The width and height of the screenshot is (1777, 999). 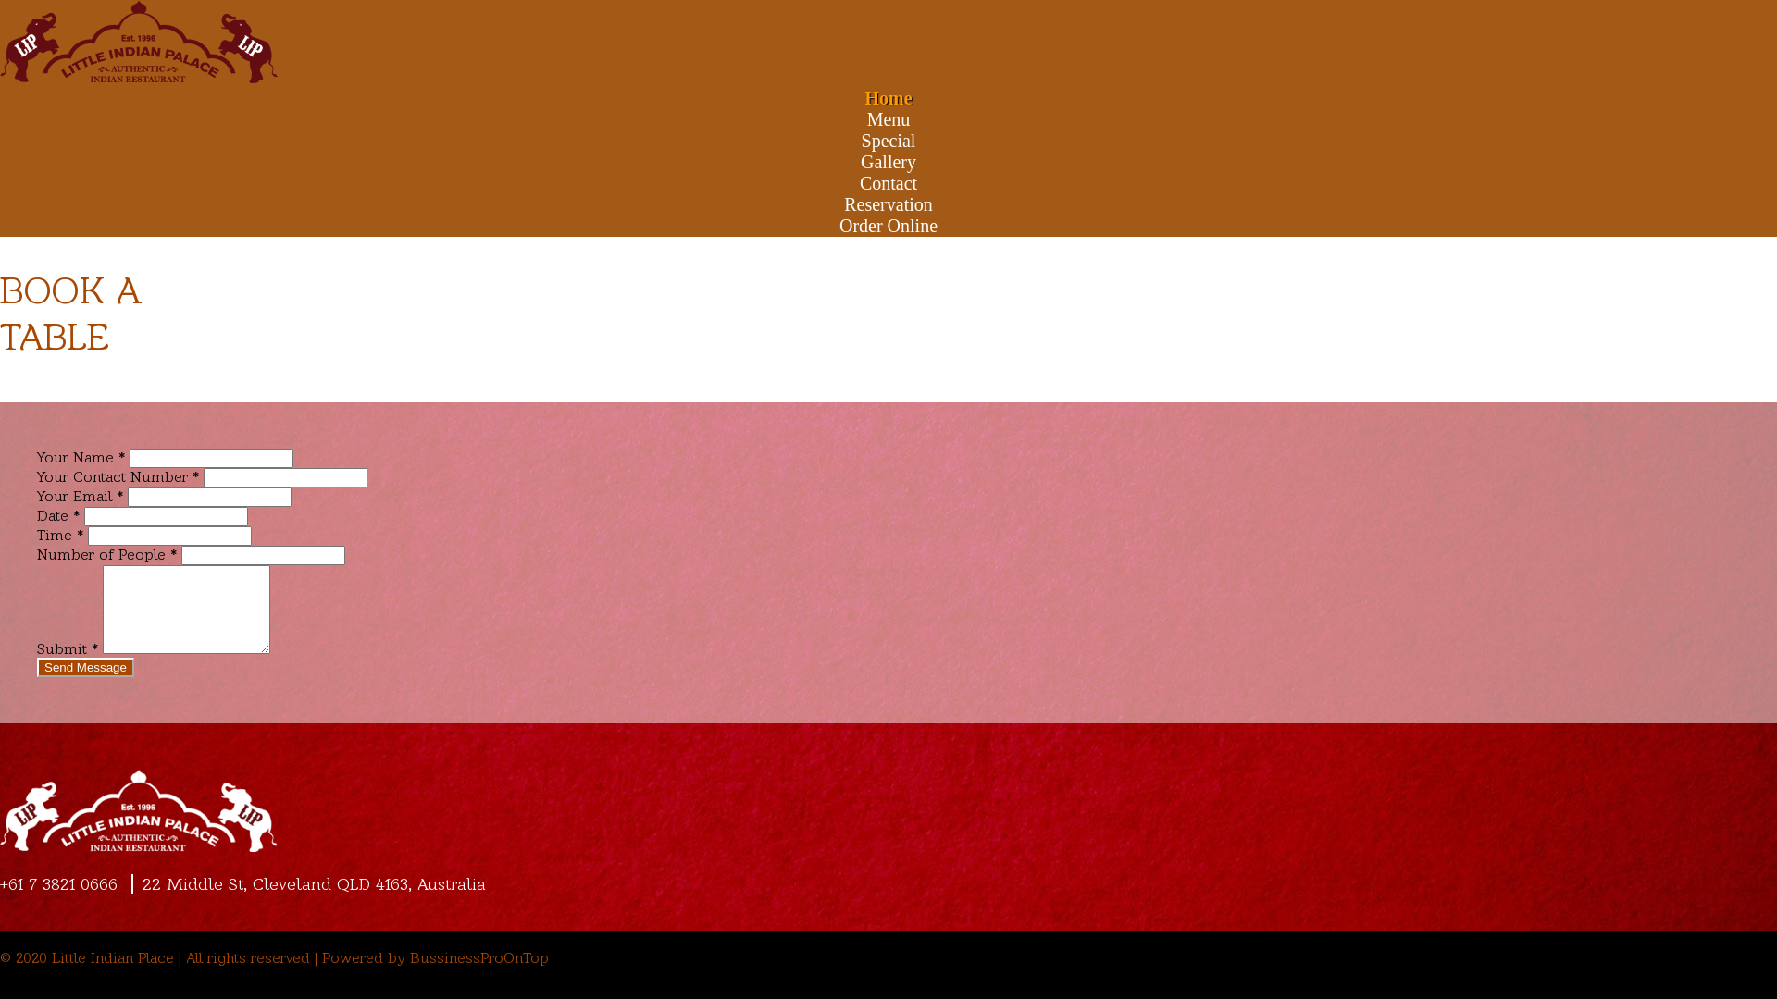 What do you see at coordinates (63, 882) in the screenshot?
I see `'+61 7 3821 0666'` at bounding box center [63, 882].